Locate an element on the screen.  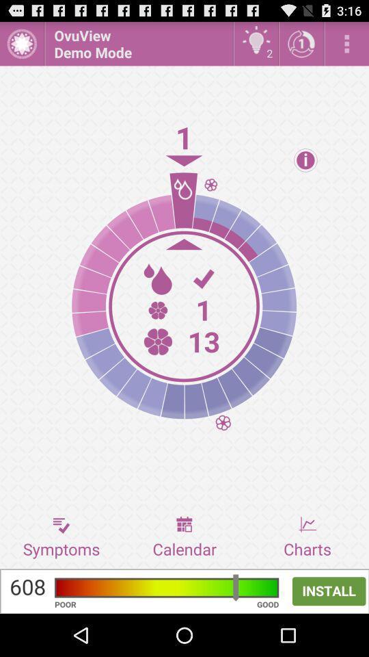
click the button is located at coordinates (21, 43).